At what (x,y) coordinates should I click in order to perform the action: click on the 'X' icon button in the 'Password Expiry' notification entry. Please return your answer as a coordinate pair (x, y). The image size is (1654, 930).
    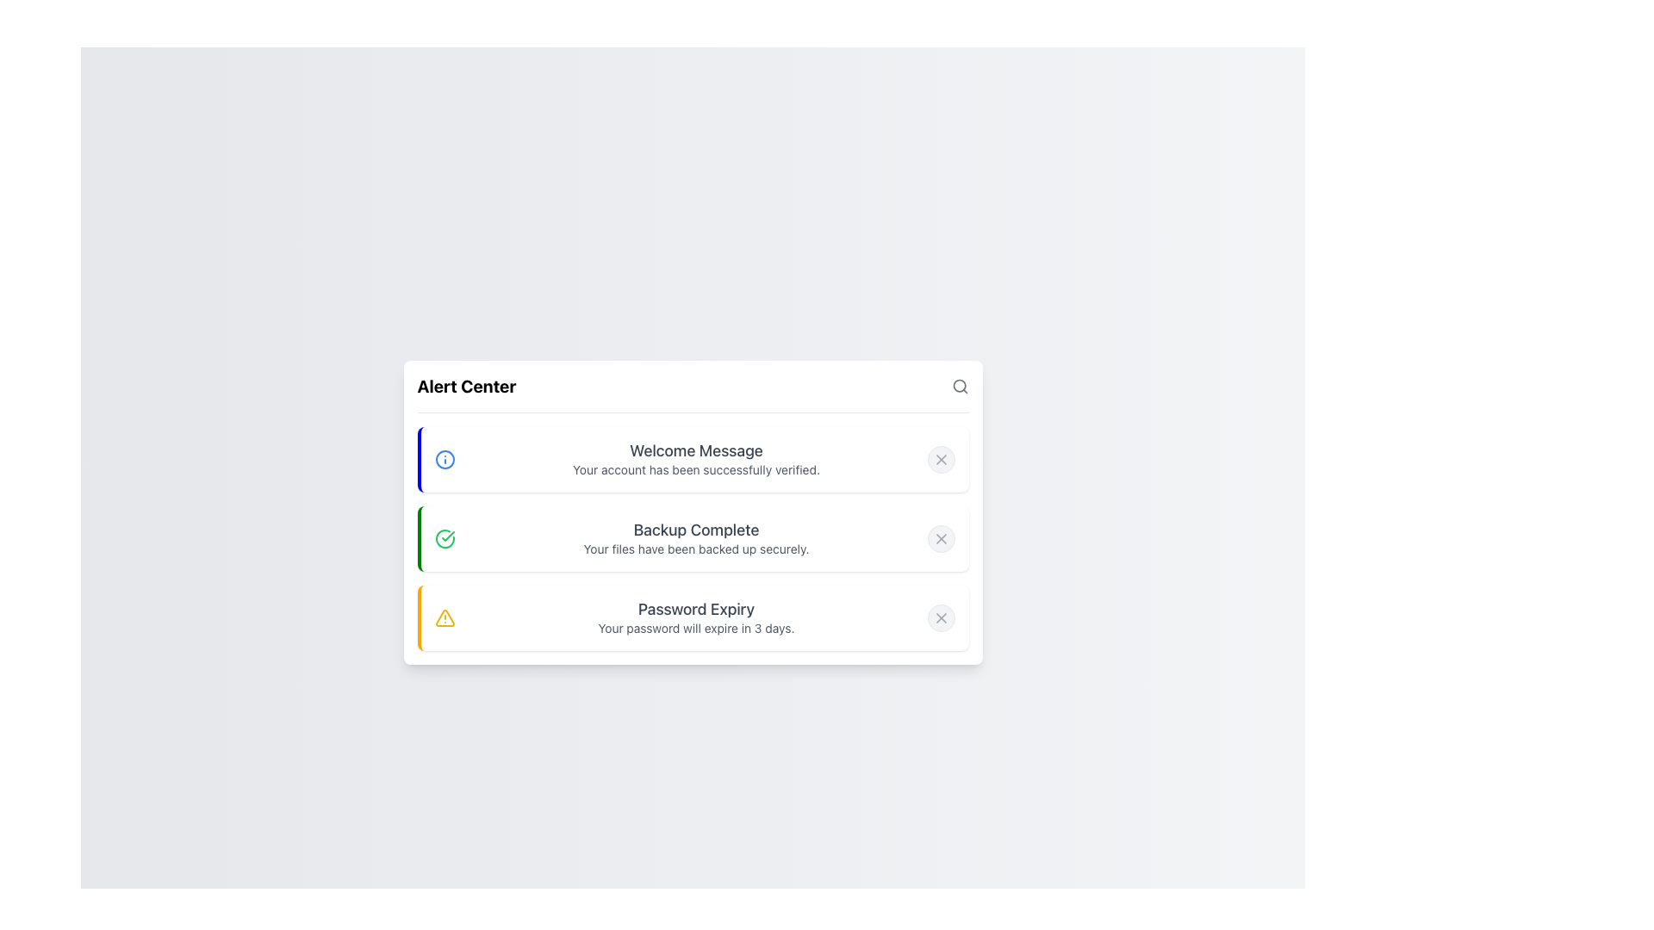
    Looking at the image, I should click on (940, 617).